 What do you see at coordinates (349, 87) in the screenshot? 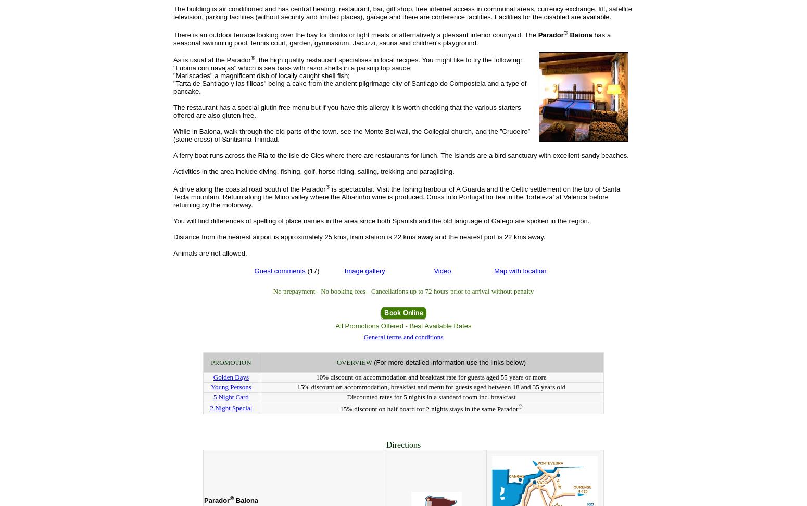
I see `'"Tarta de Santiago y las filloas" being a cake from the ancient pilgrimage
city of Santiago do Compostela and a type of pancake.'` at bounding box center [349, 87].